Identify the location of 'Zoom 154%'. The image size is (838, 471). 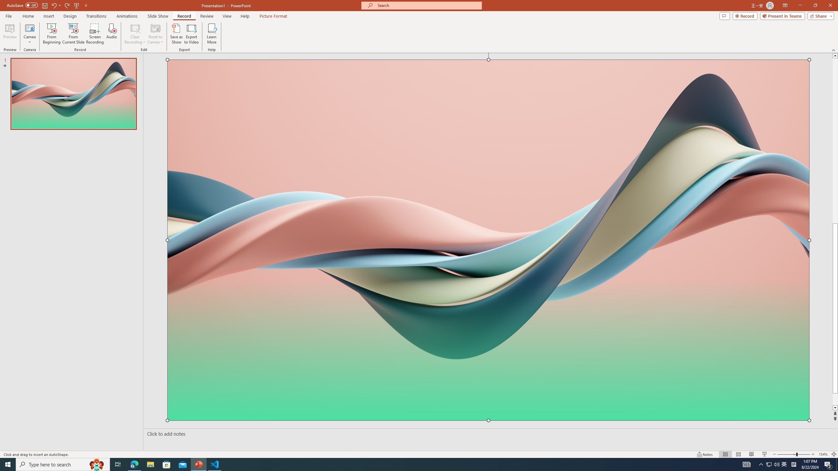
(823, 454).